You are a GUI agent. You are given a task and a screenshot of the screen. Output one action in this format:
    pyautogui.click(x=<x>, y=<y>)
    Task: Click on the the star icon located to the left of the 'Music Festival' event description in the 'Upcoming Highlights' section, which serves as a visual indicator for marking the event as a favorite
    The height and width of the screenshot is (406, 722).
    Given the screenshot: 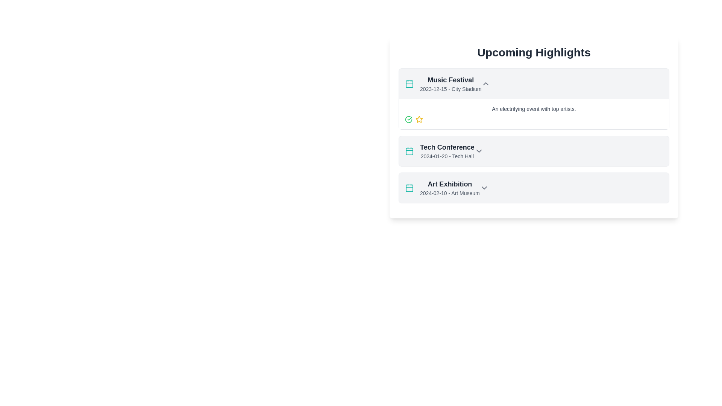 What is the action you would take?
    pyautogui.click(x=419, y=119)
    